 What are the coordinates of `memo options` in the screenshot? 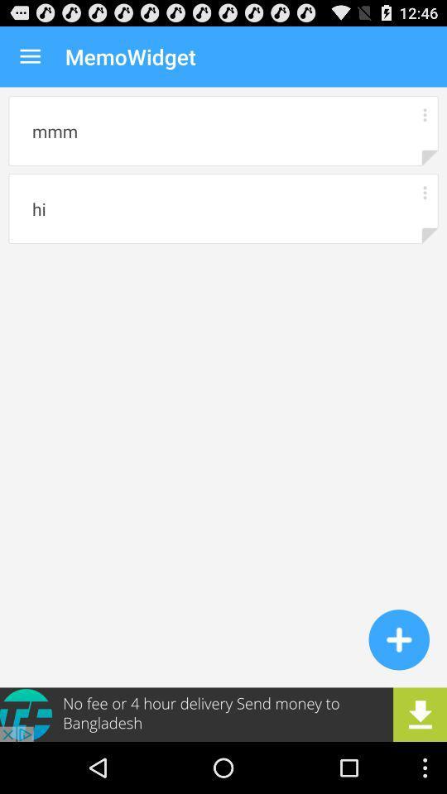 It's located at (425, 192).